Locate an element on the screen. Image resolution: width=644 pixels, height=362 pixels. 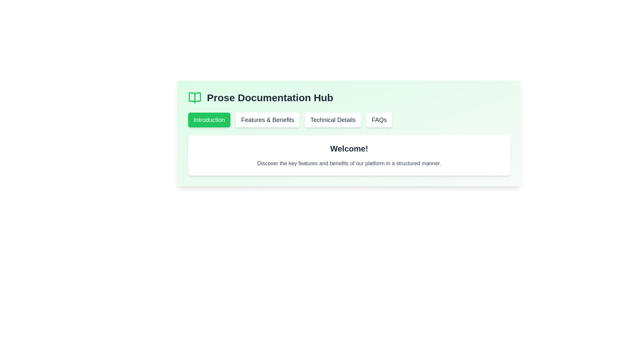
the rectangular button labeled 'Features & Benefits', which is the second button in a row of four, to trigger its hover effect is located at coordinates (267, 120).